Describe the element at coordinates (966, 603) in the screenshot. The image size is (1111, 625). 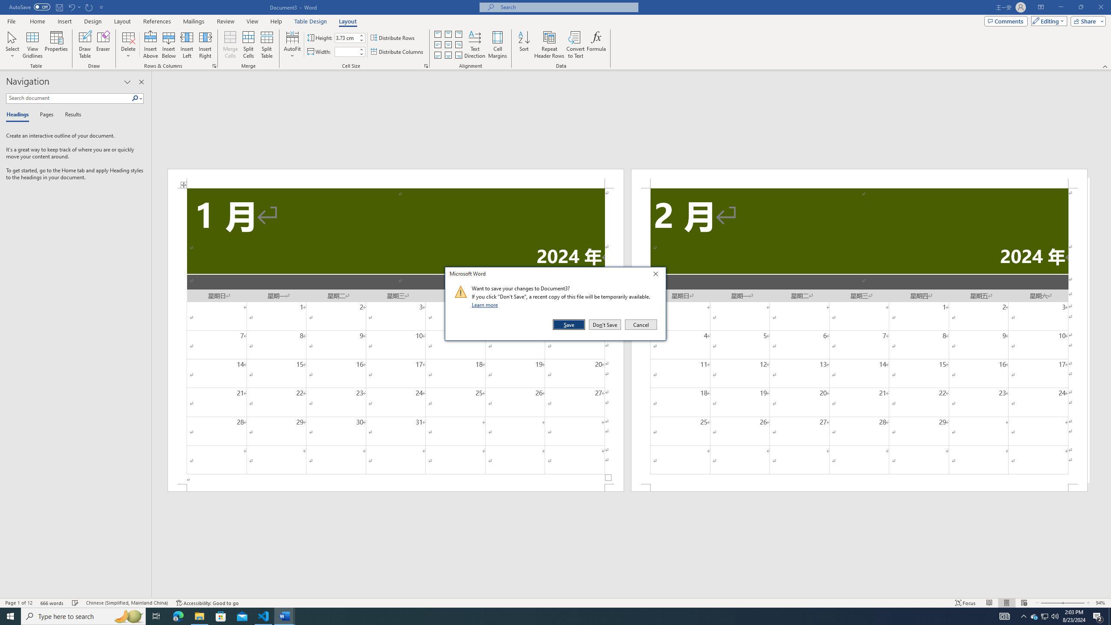
I see `'Focus '` at that location.